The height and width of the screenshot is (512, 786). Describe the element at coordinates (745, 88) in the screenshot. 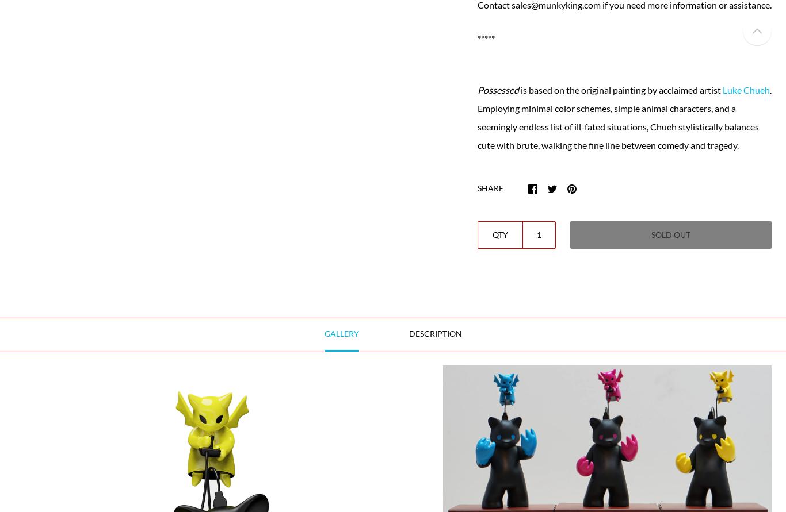

I see `'Luke Chueh'` at that location.